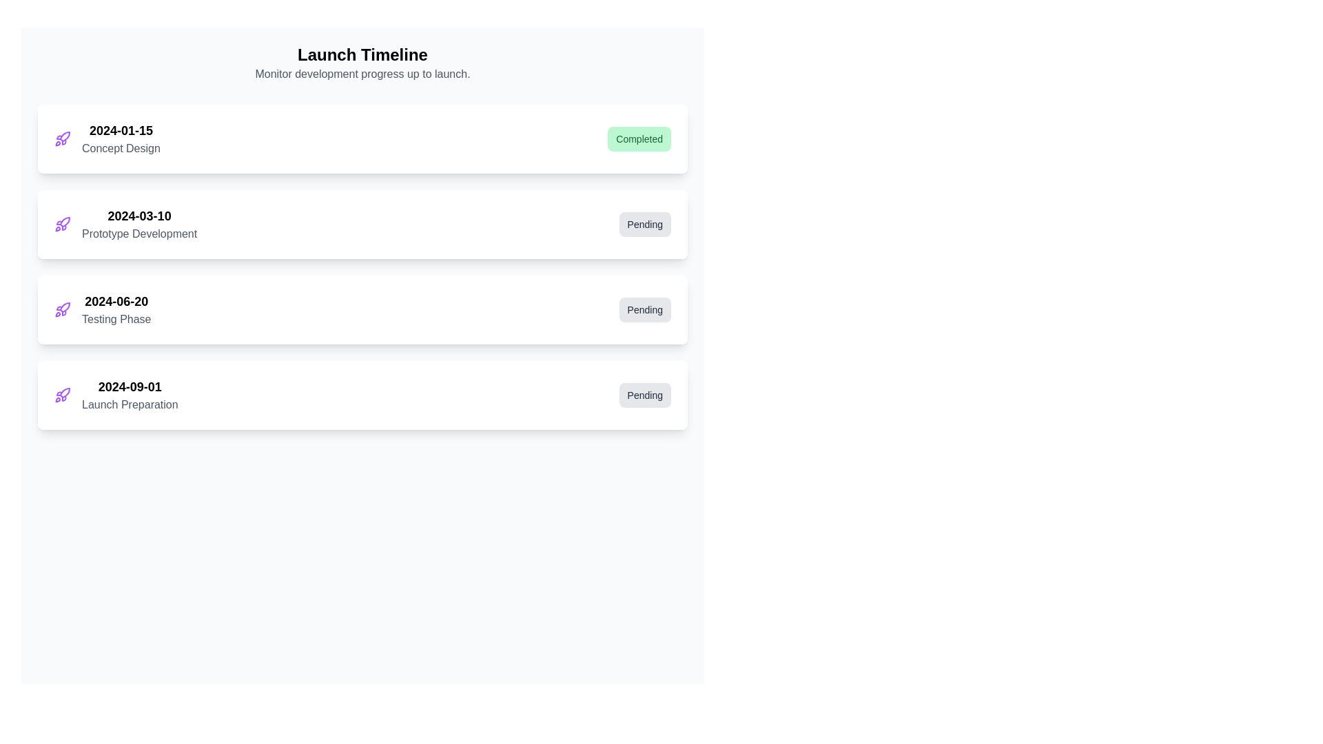 This screenshot has width=1323, height=744. Describe the element at coordinates (64, 221) in the screenshot. I see `the purple rocket icon part of the SVG shape located next to the date '2024-03-10' and the description 'Prototype Development' in the second item of the timeline` at that location.